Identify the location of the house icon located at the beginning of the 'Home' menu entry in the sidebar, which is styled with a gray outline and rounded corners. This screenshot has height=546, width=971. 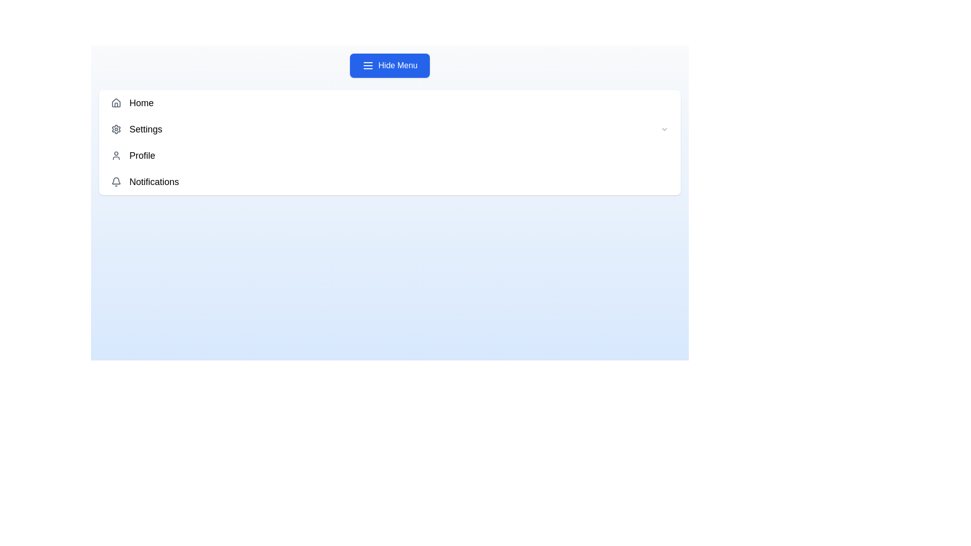
(116, 103).